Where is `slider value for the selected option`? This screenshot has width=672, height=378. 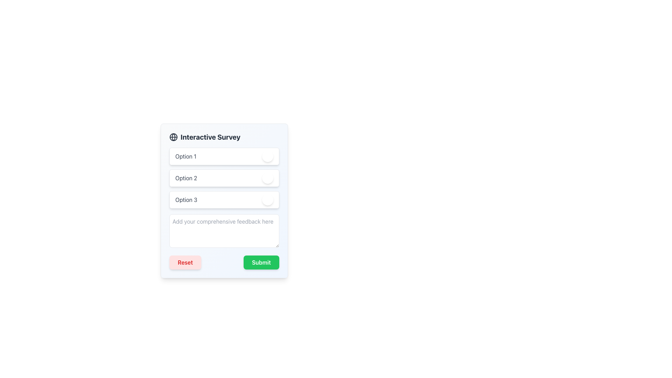
slider value for the selected option is located at coordinates (261, 156).